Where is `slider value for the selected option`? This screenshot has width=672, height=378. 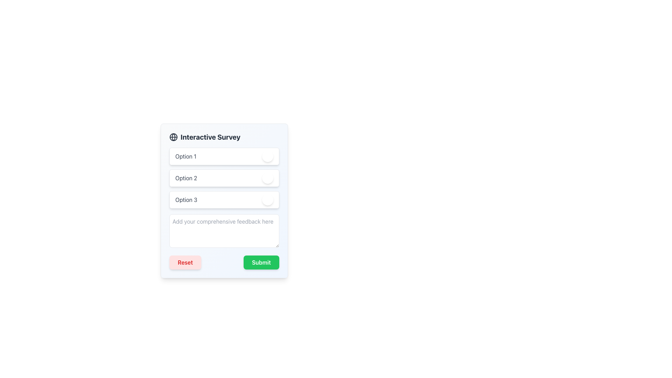
slider value for the selected option is located at coordinates (261, 156).